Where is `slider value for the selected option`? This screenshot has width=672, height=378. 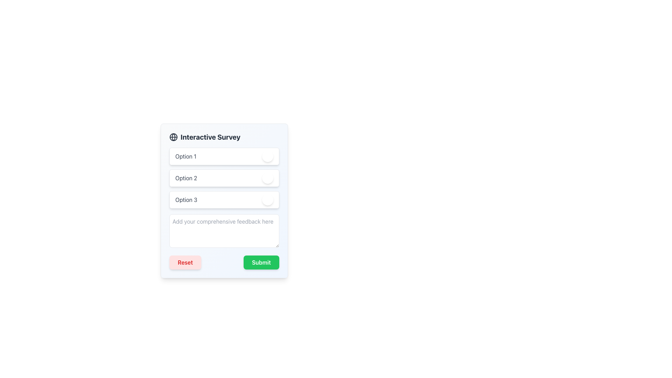
slider value for the selected option is located at coordinates (261, 156).